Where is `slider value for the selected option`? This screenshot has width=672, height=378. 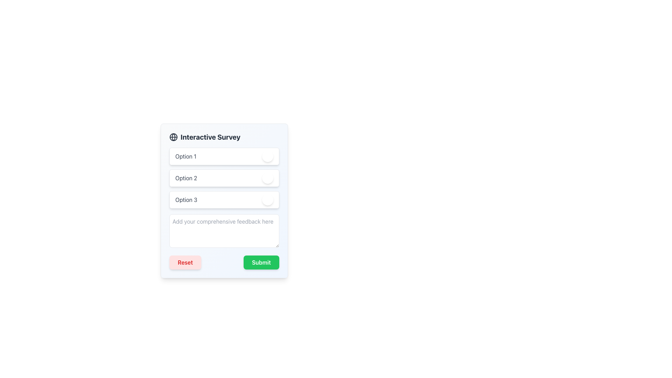
slider value for the selected option is located at coordinates (261, 156).